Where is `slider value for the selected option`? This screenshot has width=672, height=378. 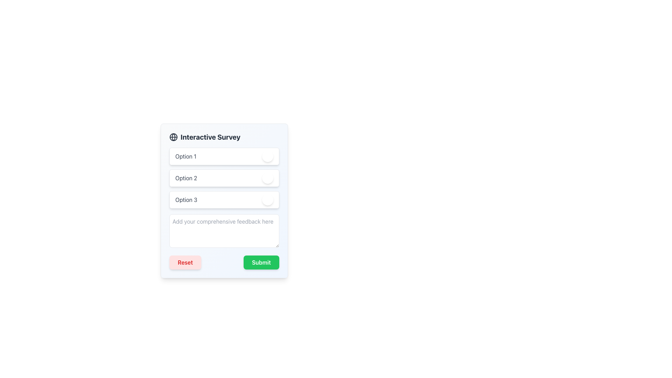
slider value for the selected option is located at coordinates (261, 156).